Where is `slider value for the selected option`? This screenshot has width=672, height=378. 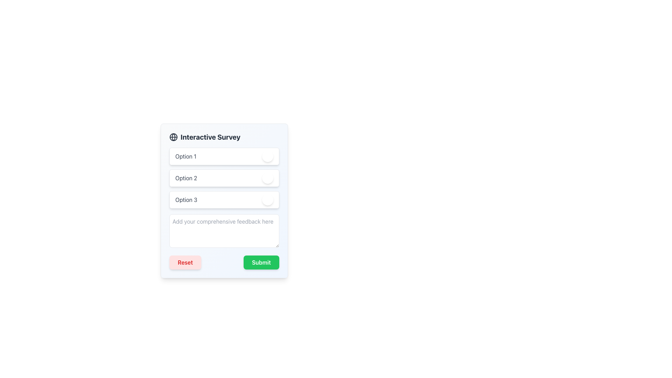
slider value for the selected option is located at coordinates (261, 156).